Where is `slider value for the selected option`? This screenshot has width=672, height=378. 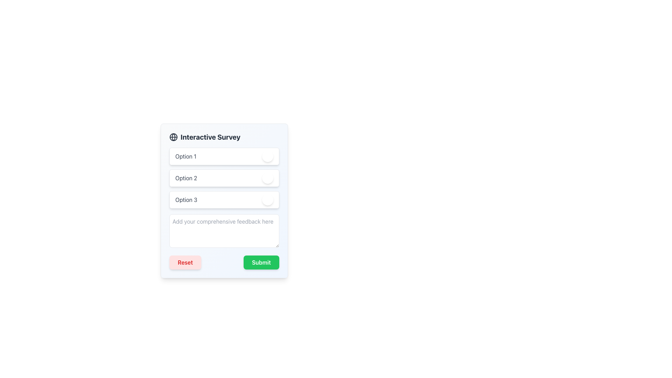
slider value for the selected option is located at coordinates (261, 156).